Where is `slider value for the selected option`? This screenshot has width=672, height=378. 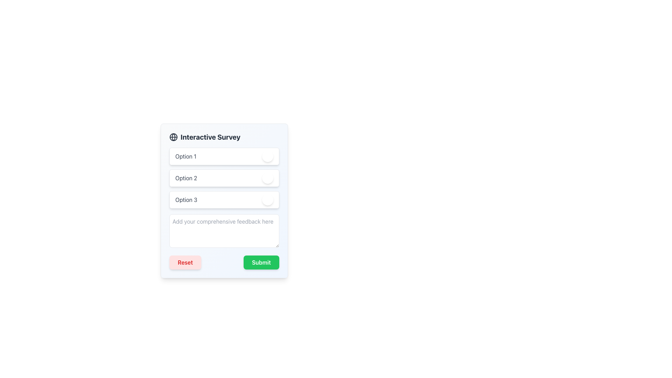
slider value for the selected option is located at coordinates (261, 156).